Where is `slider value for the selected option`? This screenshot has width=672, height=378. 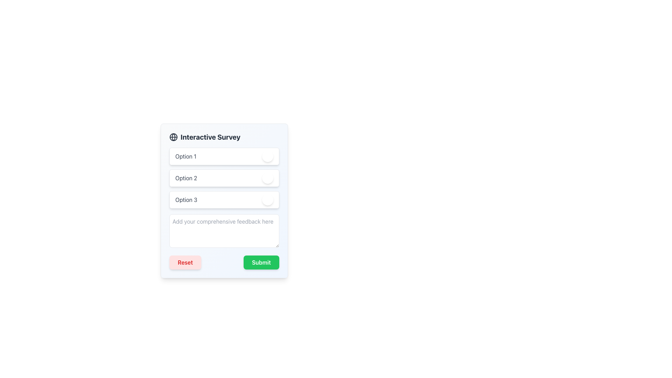
slider value for the selected option is located at coordinates (261, 156).